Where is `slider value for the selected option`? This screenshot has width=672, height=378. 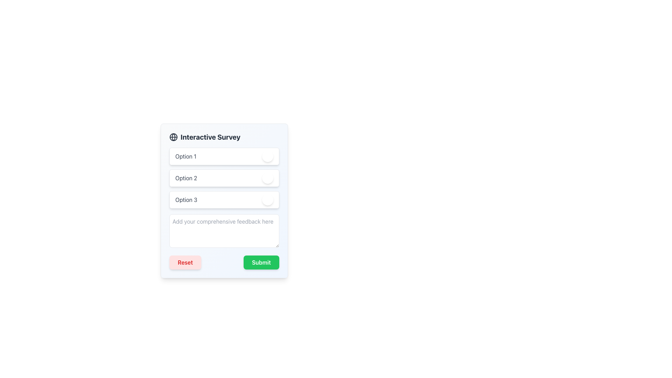
slider value for the selected option is located at coordinates (261, 156).